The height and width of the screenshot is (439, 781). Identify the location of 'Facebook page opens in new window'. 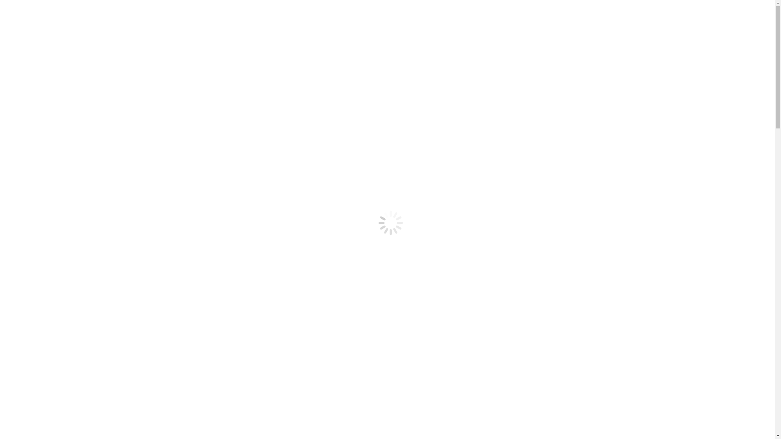
(52, 43).